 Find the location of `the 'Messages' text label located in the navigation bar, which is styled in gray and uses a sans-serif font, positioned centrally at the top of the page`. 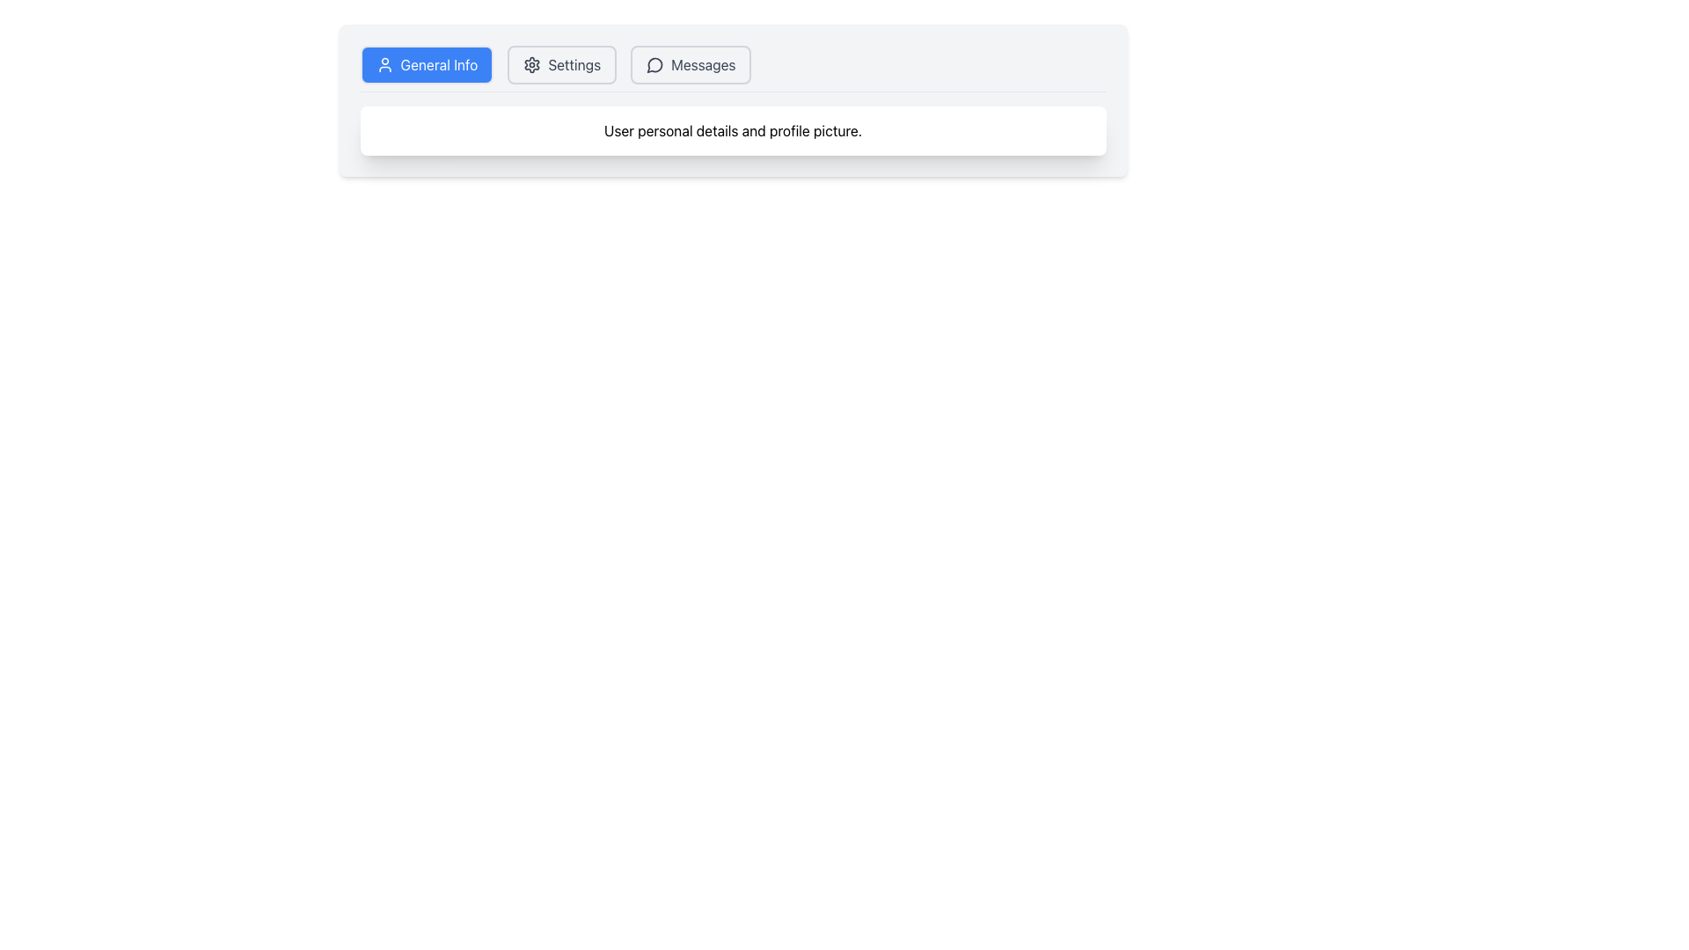

the 'Messages' text label located in the navigation bar, which is styled in gray and uses a sans-serif font, positioned centrally at the top of the page is located at coordinates (702, 63).